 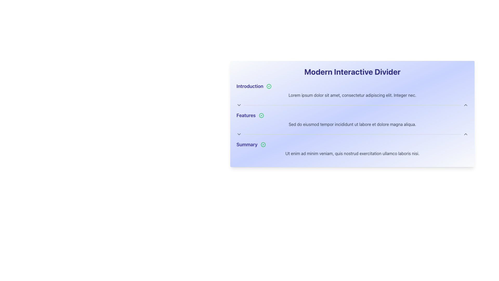 I want to click on the circular icon with a green border and white interior located next to the 'Introduction' label in the upper left corner of the segment, so click(x=269, y=86).